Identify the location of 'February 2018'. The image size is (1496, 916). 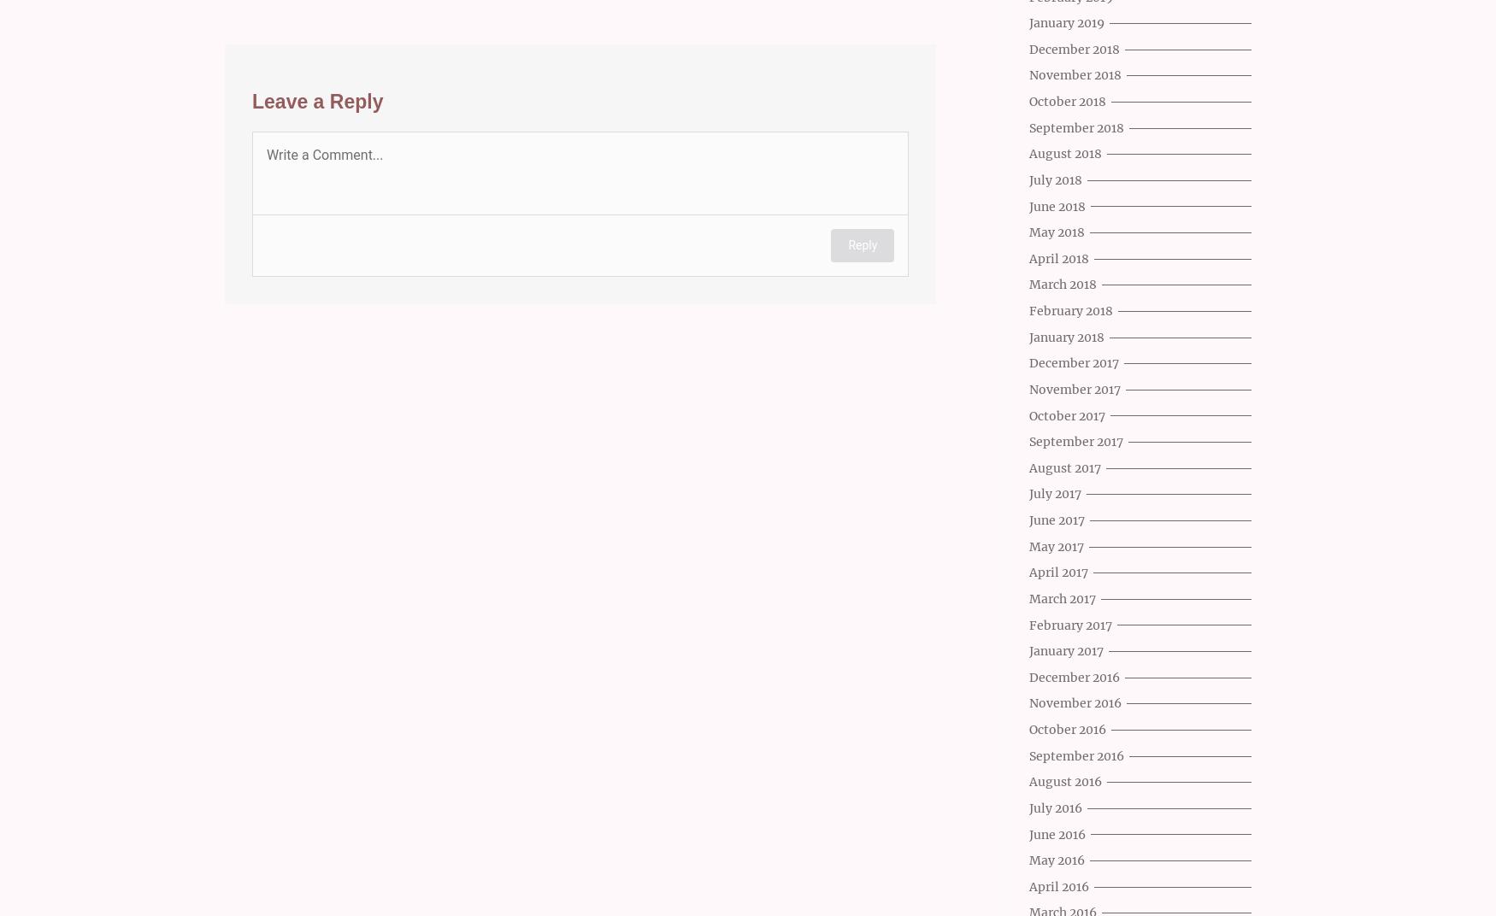
(1070, 311).